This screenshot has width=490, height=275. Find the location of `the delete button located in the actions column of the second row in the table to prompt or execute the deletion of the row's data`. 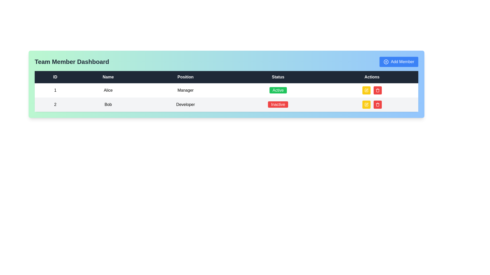

the delete button located in the actions column of the second row in the table to prompt or execute the deletion of the row's data is located at coordinates (377, 104).